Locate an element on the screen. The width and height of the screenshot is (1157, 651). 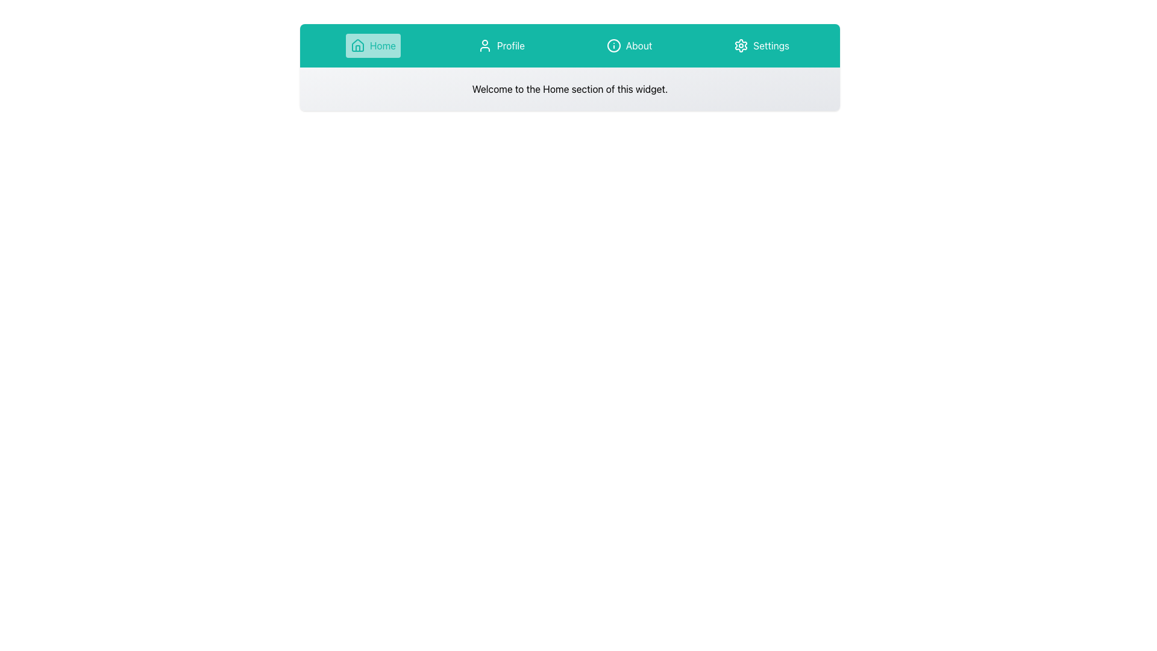
the 'Settings' interactive button located in the top navigation bar is located at coordinates (761, 45).